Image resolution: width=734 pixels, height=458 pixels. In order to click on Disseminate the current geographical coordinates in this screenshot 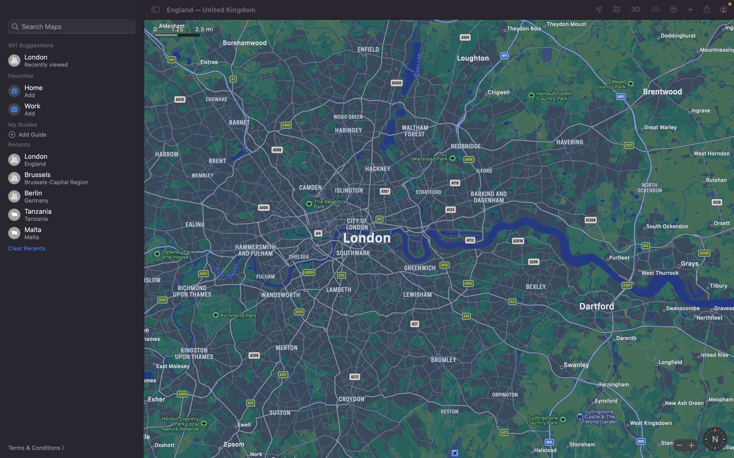, I will do `click(708, 8)`.